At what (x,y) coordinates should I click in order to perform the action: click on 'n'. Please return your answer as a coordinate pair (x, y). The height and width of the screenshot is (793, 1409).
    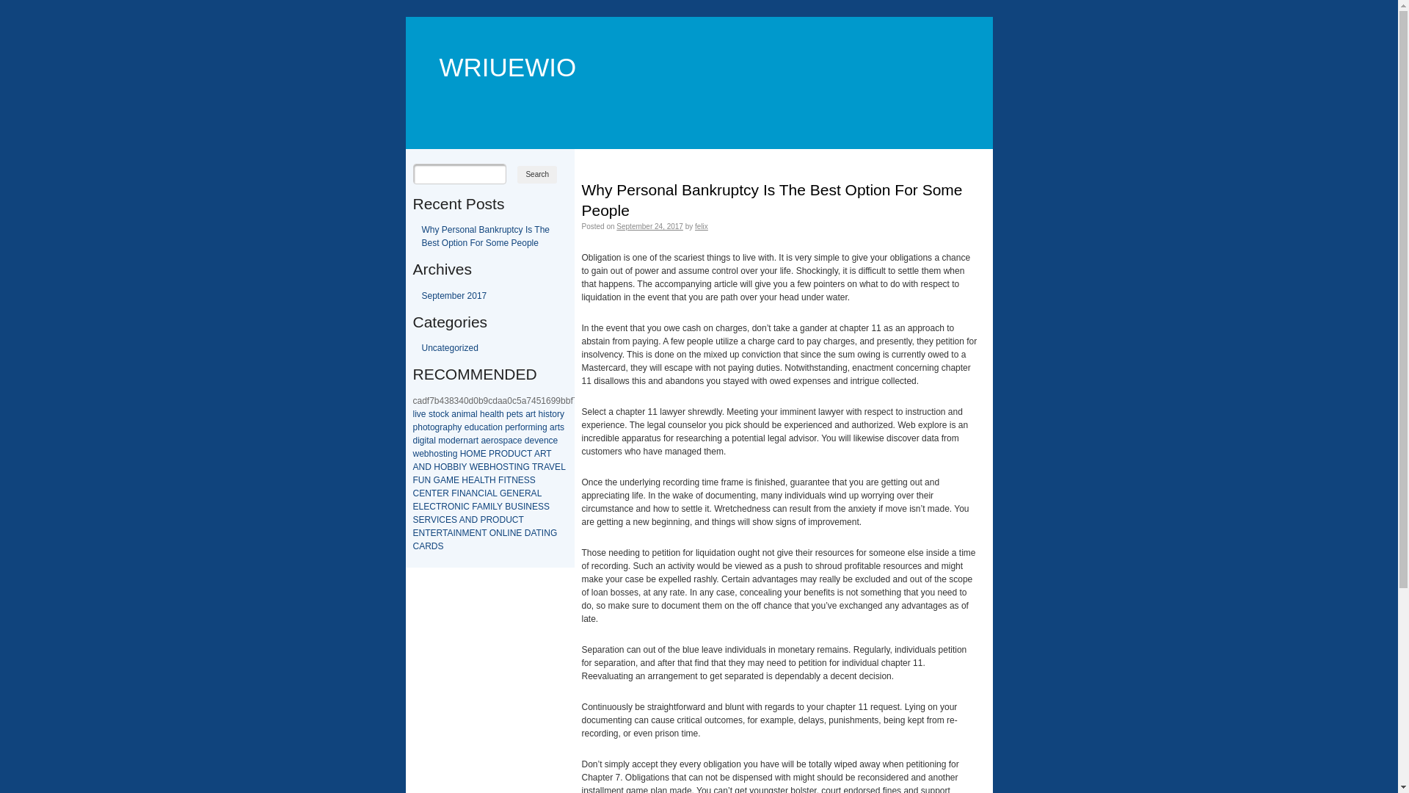
    Looking at the image, I should click on (545, 440).